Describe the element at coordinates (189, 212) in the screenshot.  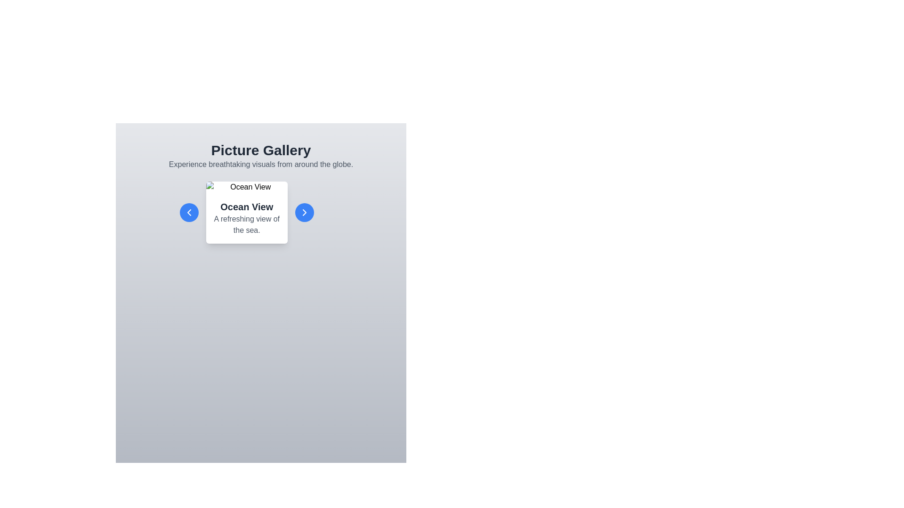
I see `the leftward chevron icon inside the blue circular navigation button` at that location.